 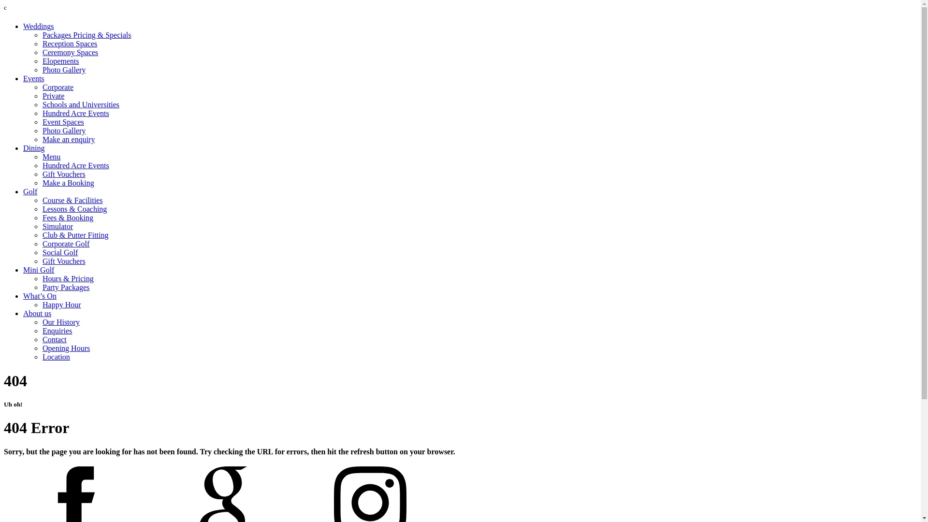 I want to click on 'Photo Gallery', so click(x=63, y=69).